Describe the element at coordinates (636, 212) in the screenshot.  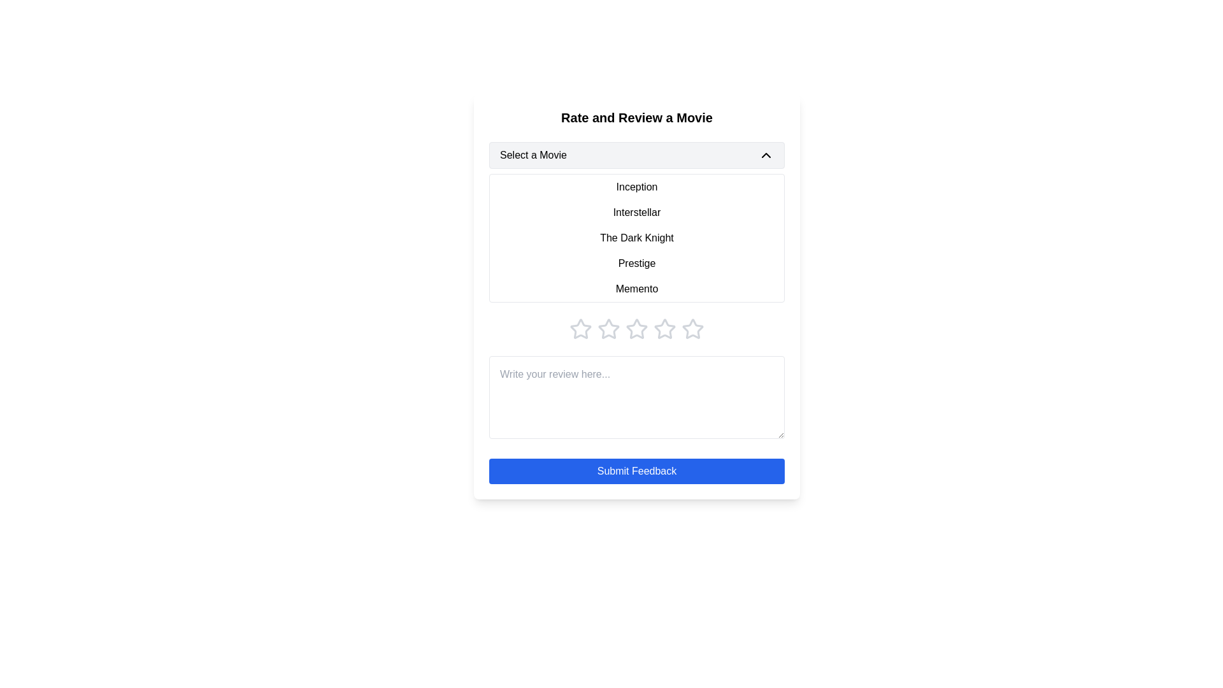
I see `the second movie title Text Label that displays a movie name, located between 'Inception' and 'The Dark Knight' in a vertically stacked list` at that location.